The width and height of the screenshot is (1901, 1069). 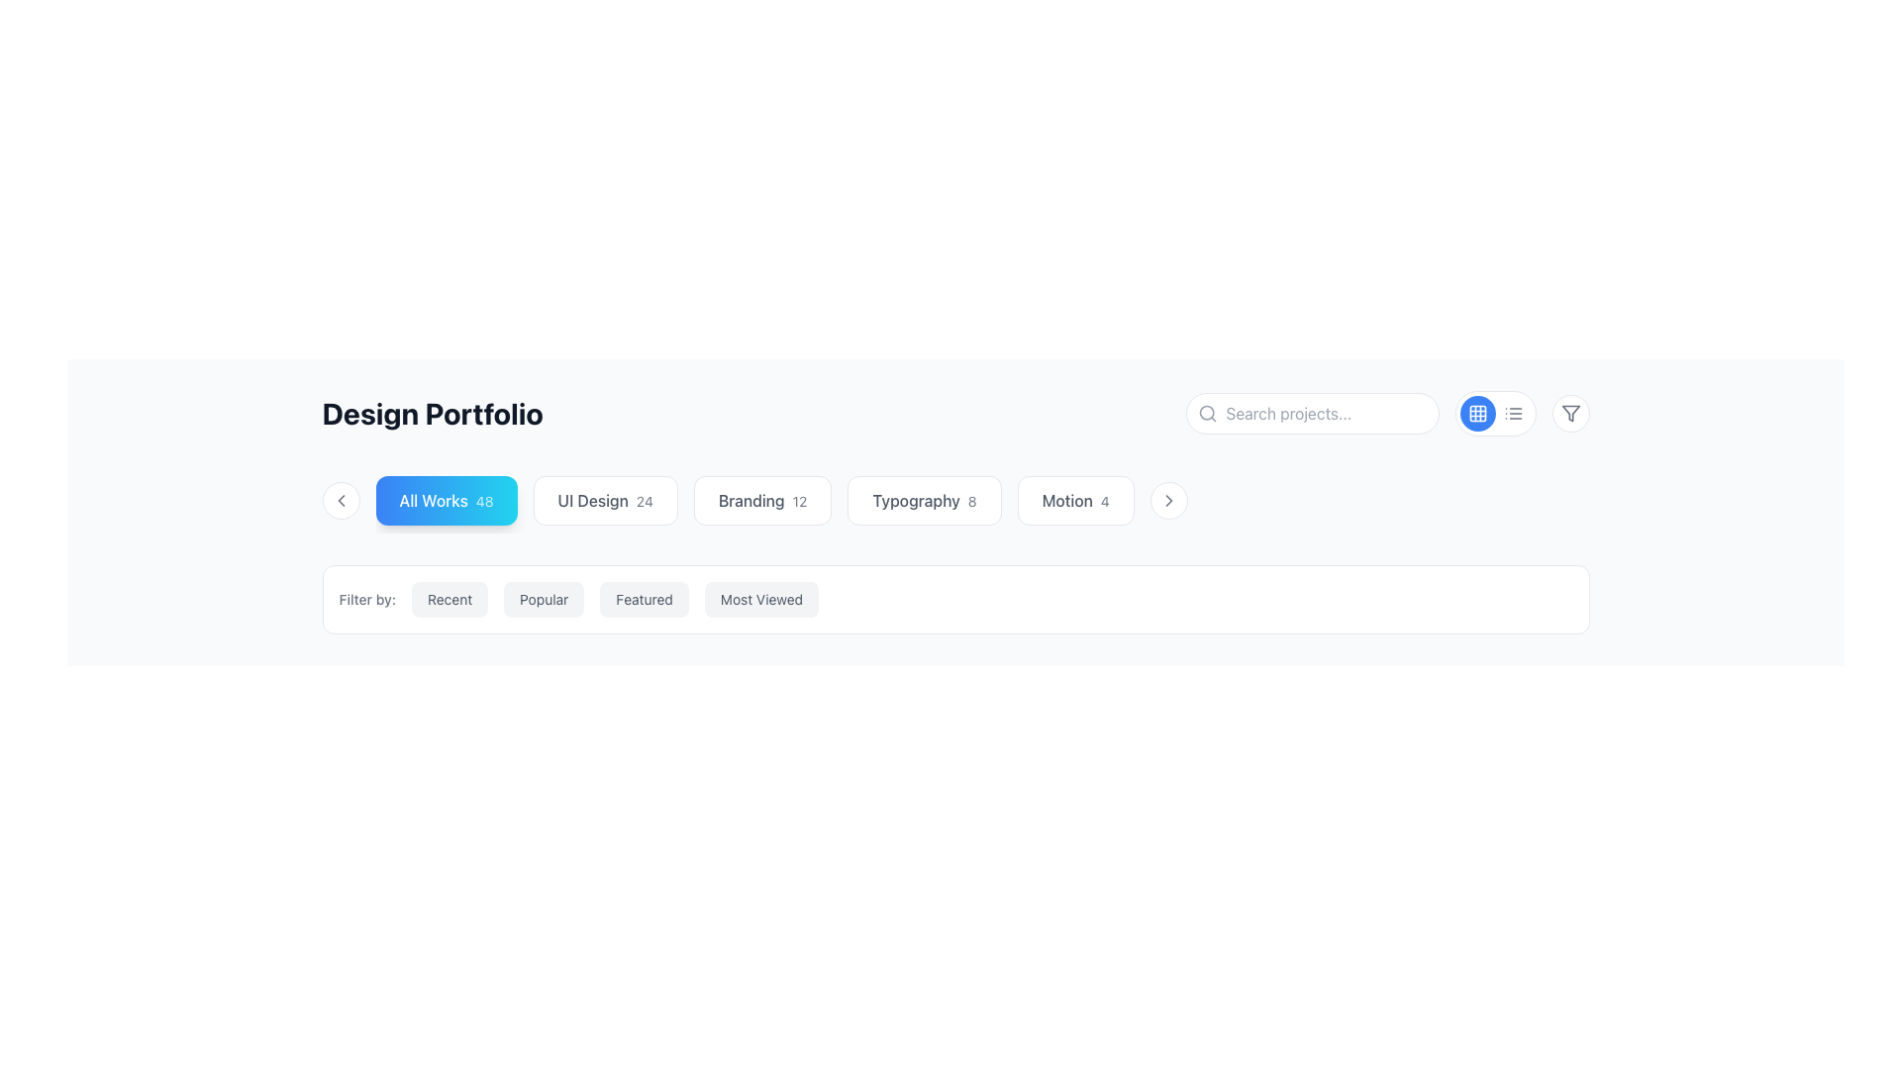 What do you see at coordinates (1104, 500) in the screenshot?
I see `the Text label that serves as a count indicator associated with the 'Motion 4' button` at bounding box center [1104, 500].